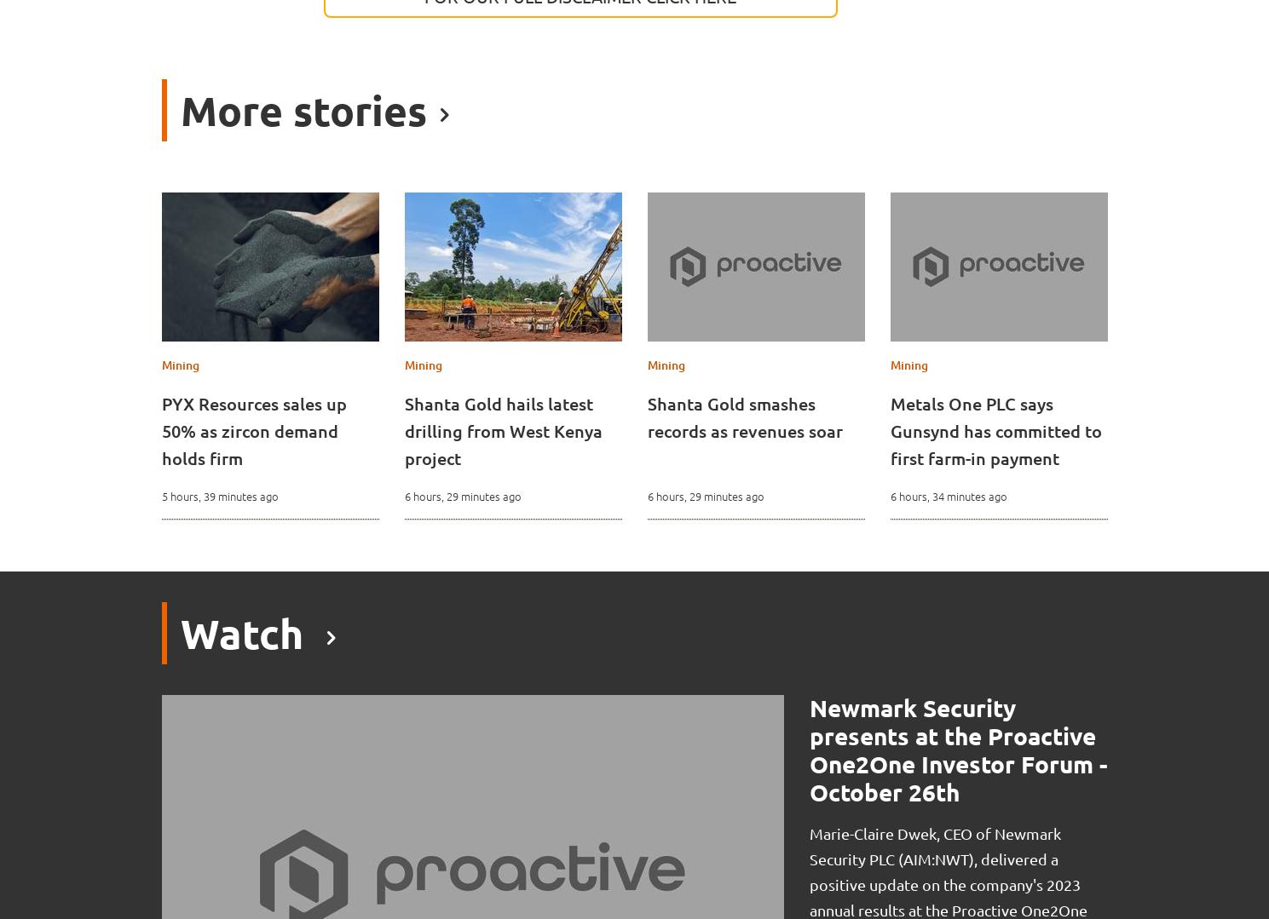 This screenshot has height=919, width=1269. What do you see at coordinates (807, 749) in the screenshot?
I see `'Newmark Security presents at the Proactive One2One Investor Forum - October 26th'` at bounding box center [807, 749].